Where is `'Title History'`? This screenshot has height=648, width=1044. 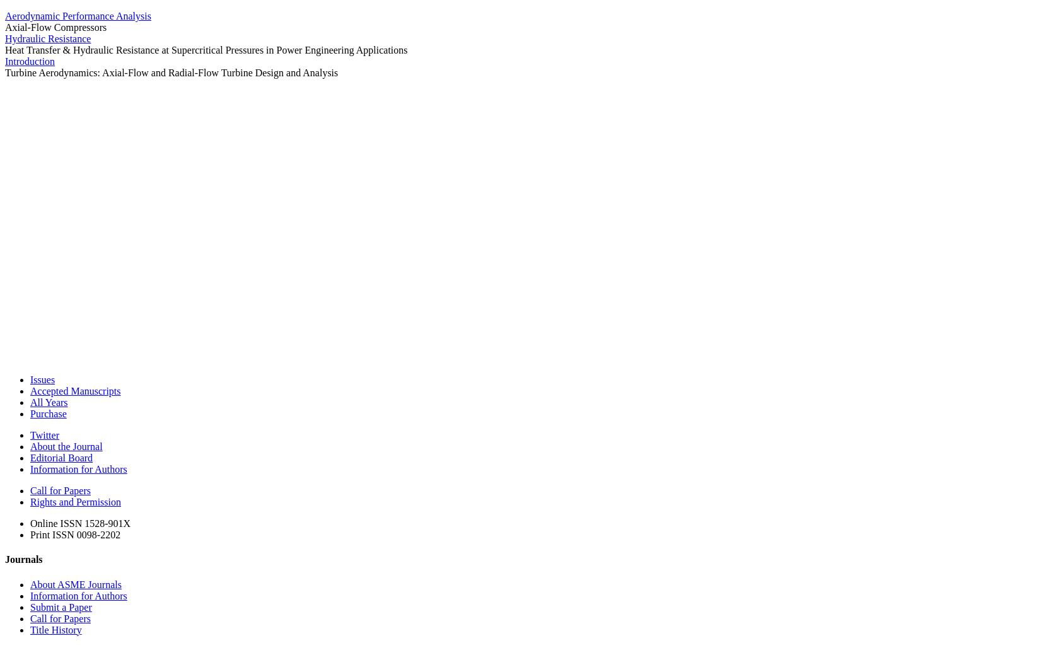 'Title History' is located at coordinates (30, 628).